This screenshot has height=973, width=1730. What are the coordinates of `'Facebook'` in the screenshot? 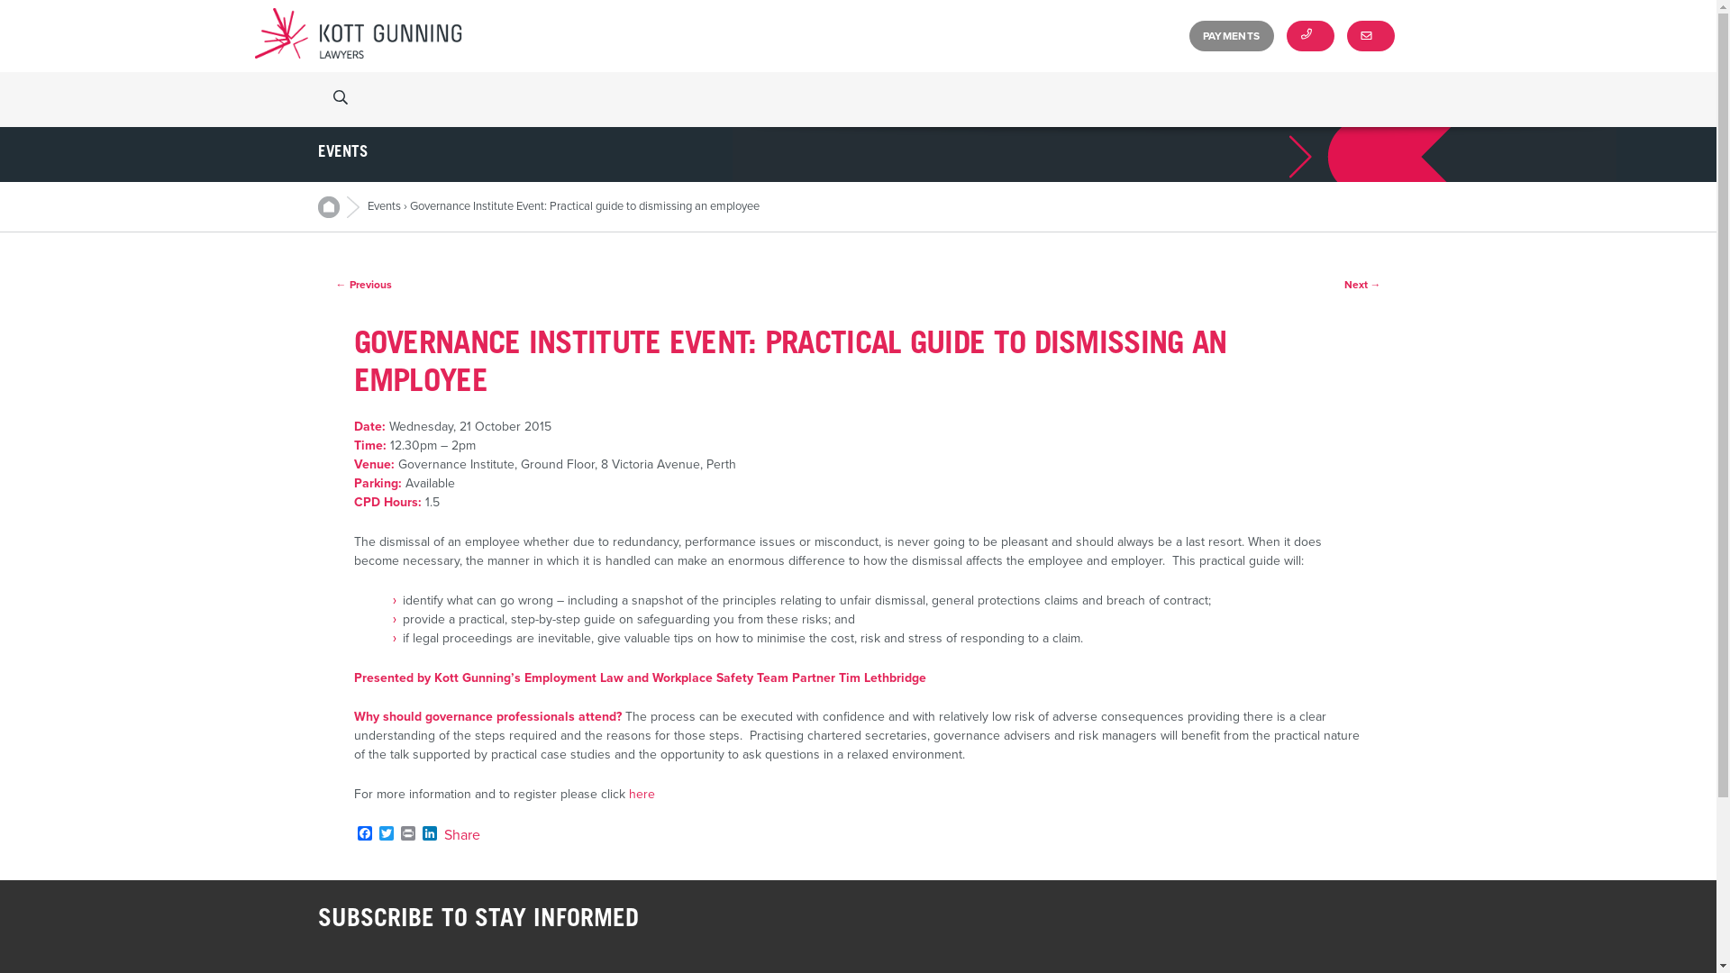 It's located at (353, 834).